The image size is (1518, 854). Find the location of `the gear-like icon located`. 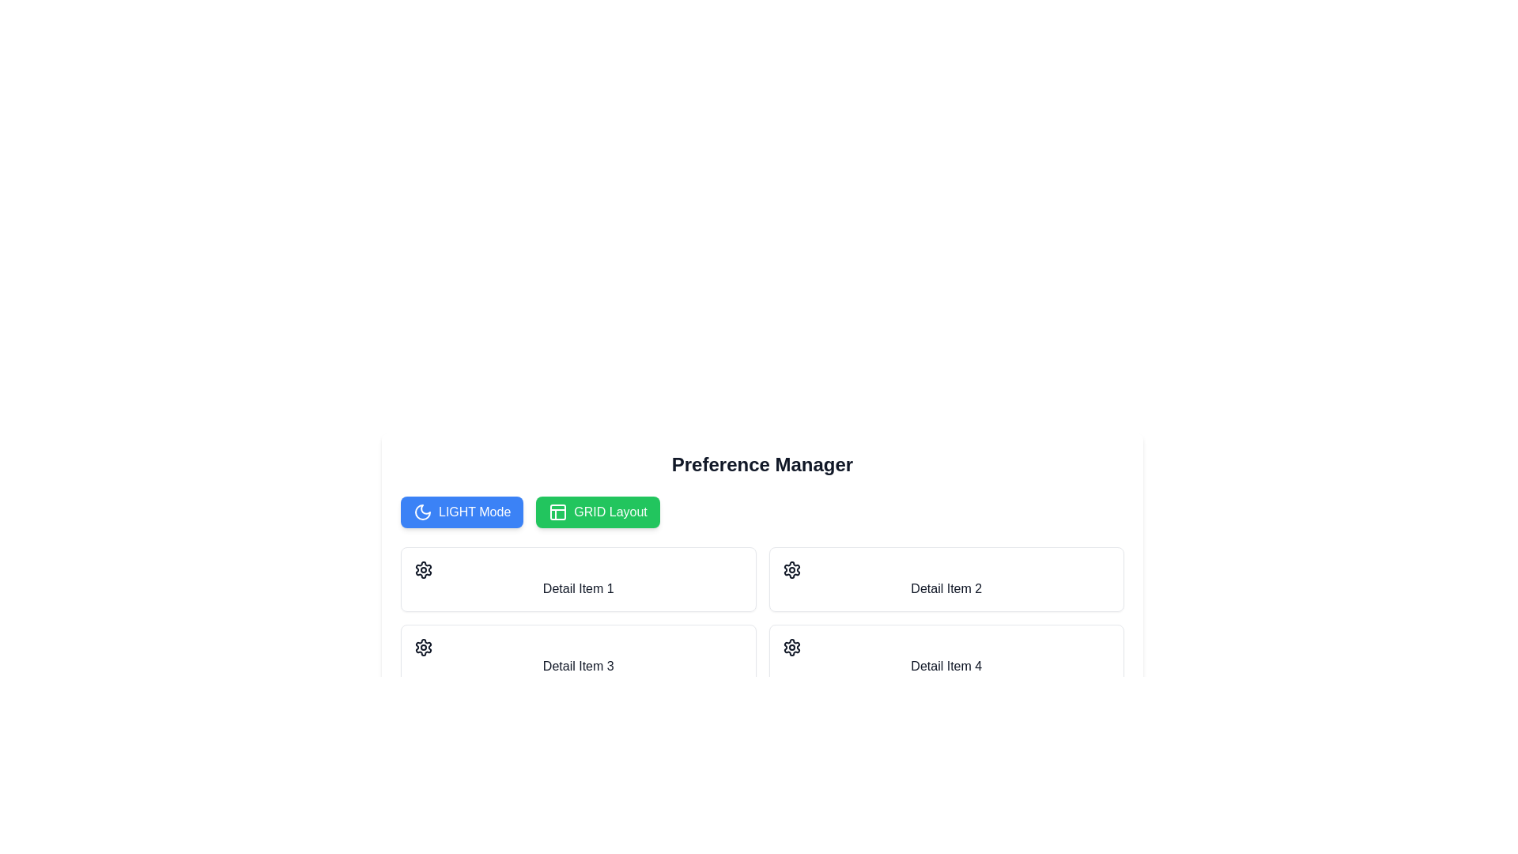

the gear-like icon located is located at coordinates (791, 647).